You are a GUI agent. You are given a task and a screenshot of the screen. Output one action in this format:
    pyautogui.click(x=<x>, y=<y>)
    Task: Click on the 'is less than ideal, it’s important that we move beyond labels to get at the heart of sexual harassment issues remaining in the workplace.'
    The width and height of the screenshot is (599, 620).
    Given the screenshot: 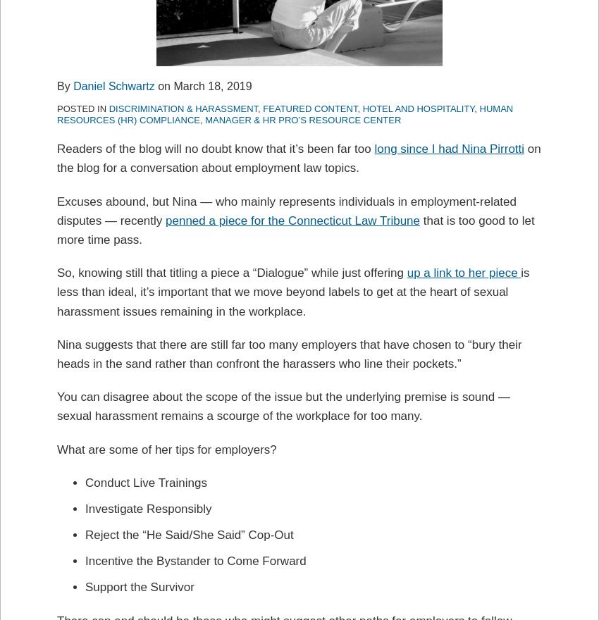 What is the action you would take?
    pyautogui.click(x=57, y=292)
    